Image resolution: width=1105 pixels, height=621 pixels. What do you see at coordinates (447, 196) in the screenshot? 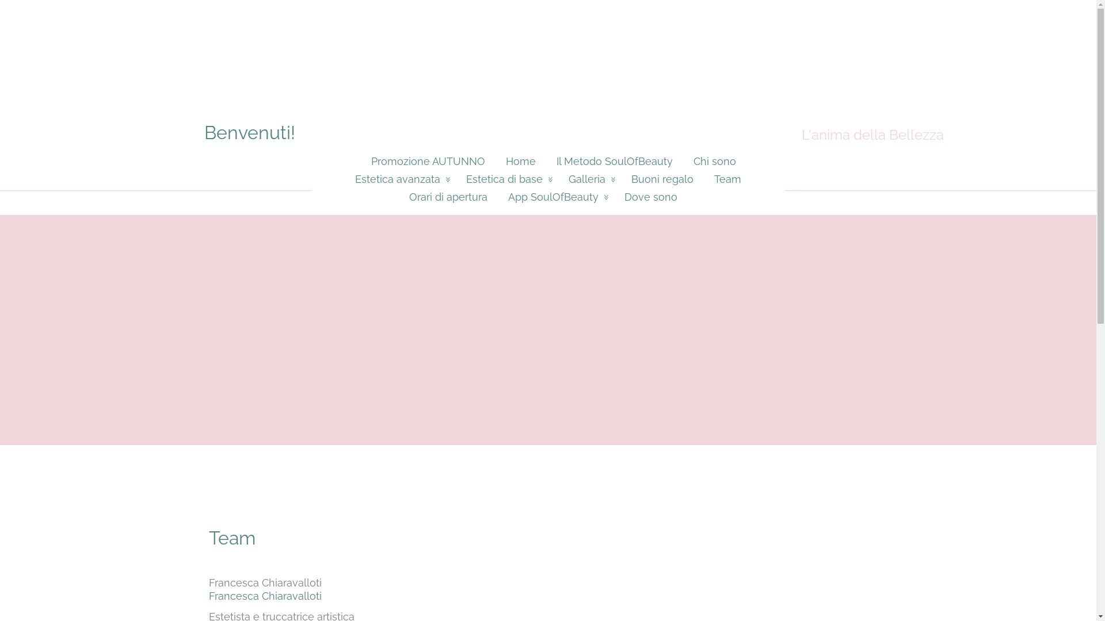
I see `'Orari di apertura'` at bounding box center [447, 196].